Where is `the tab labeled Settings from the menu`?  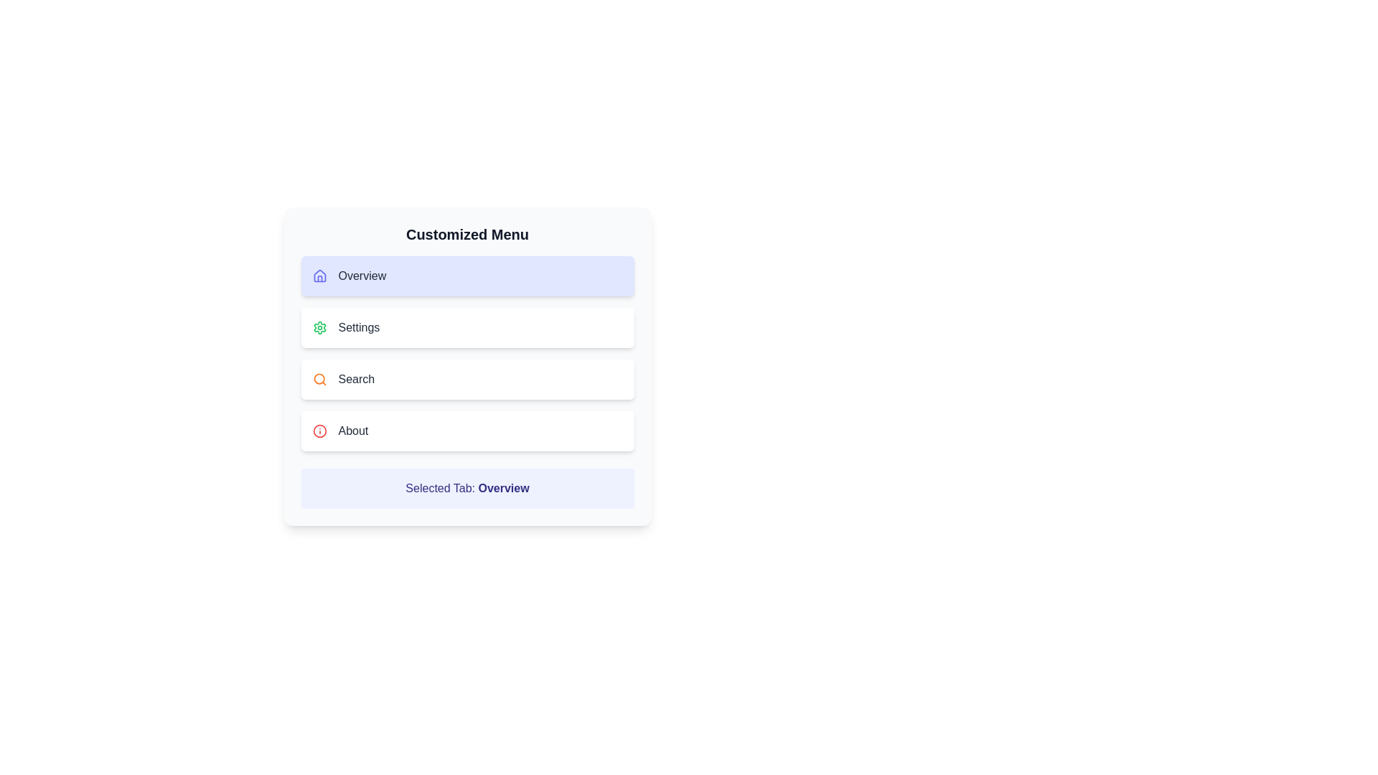
the tab labeled Settings from the menu is located at coordinates (467, 327).